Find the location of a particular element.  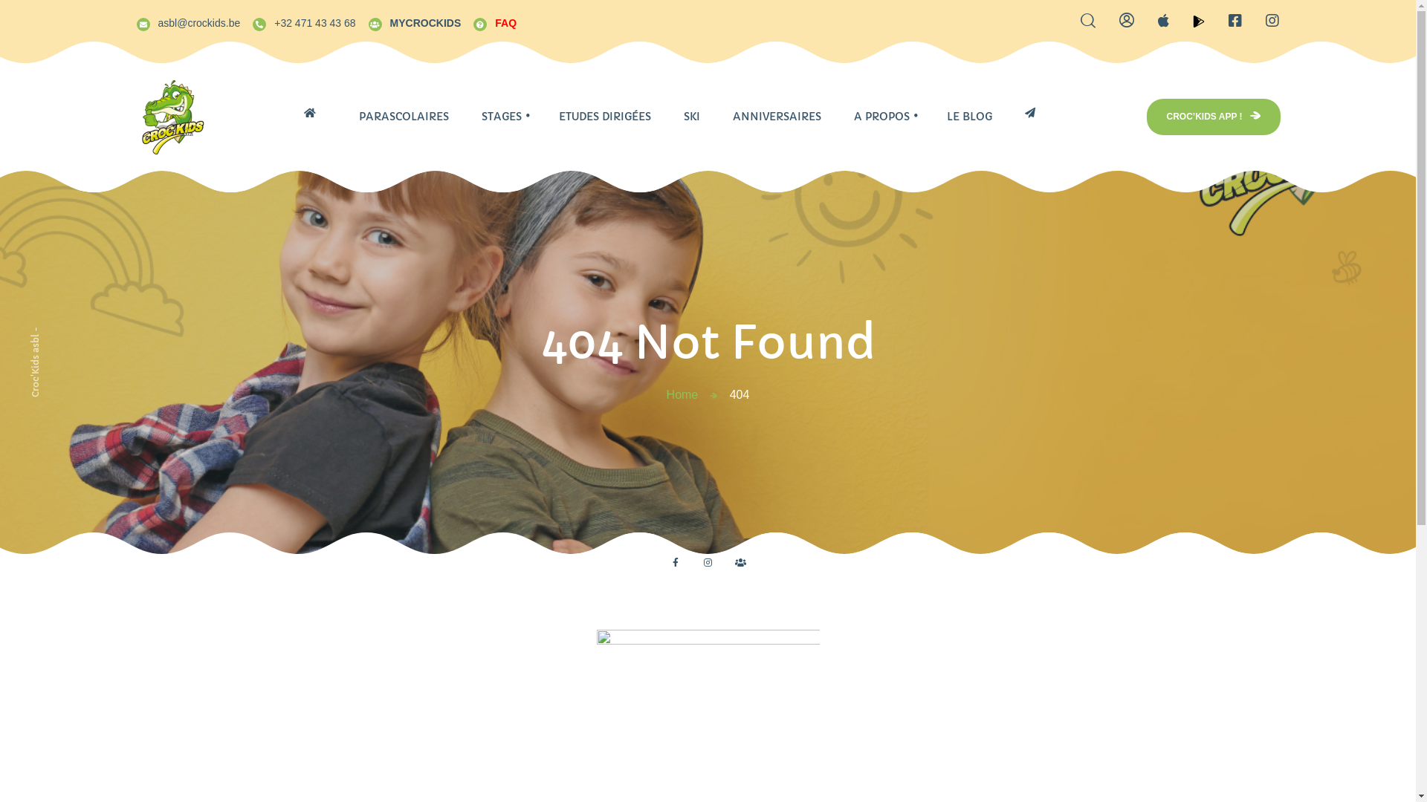

'SKI' is located at coordinates (691, 116).